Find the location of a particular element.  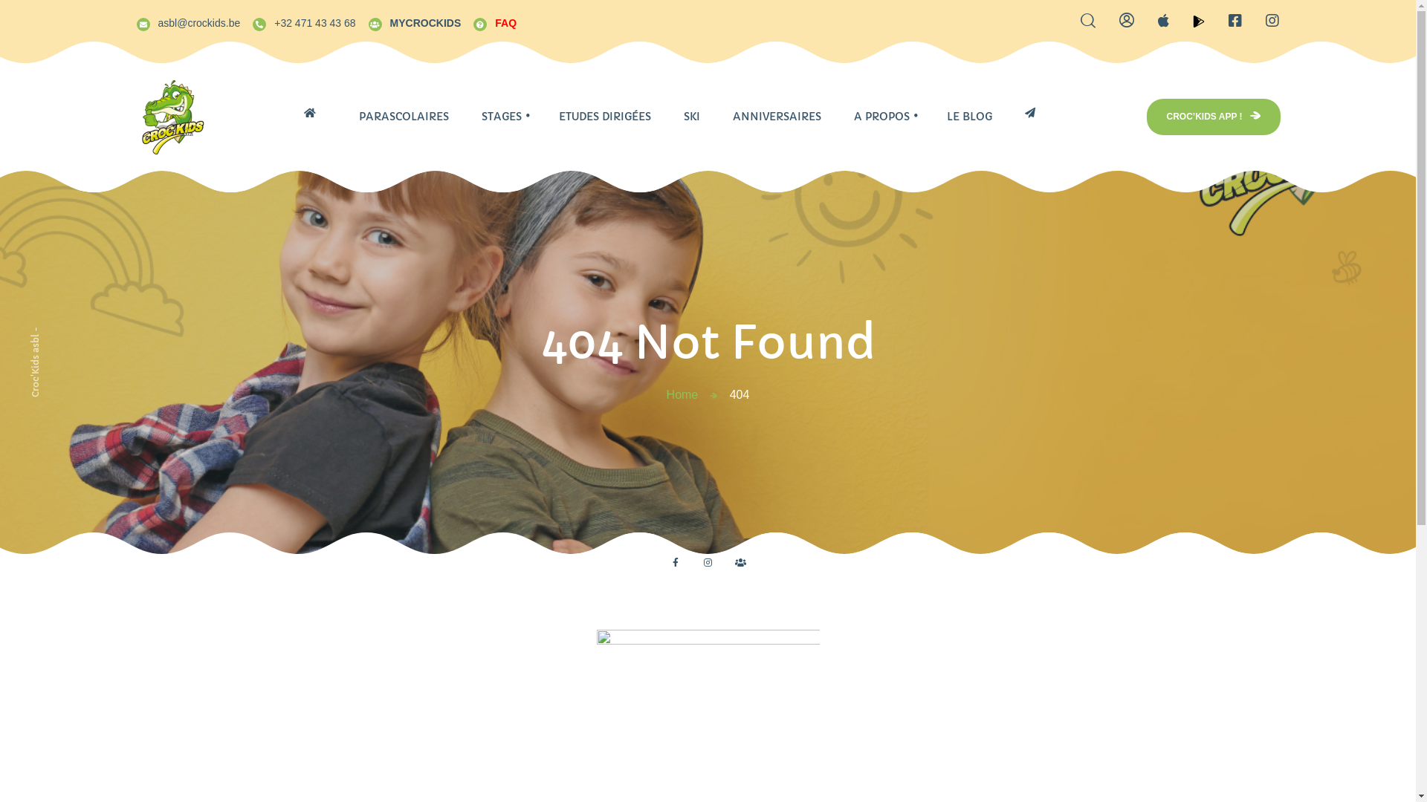

'SKI' is located at coordinates (691, 116).